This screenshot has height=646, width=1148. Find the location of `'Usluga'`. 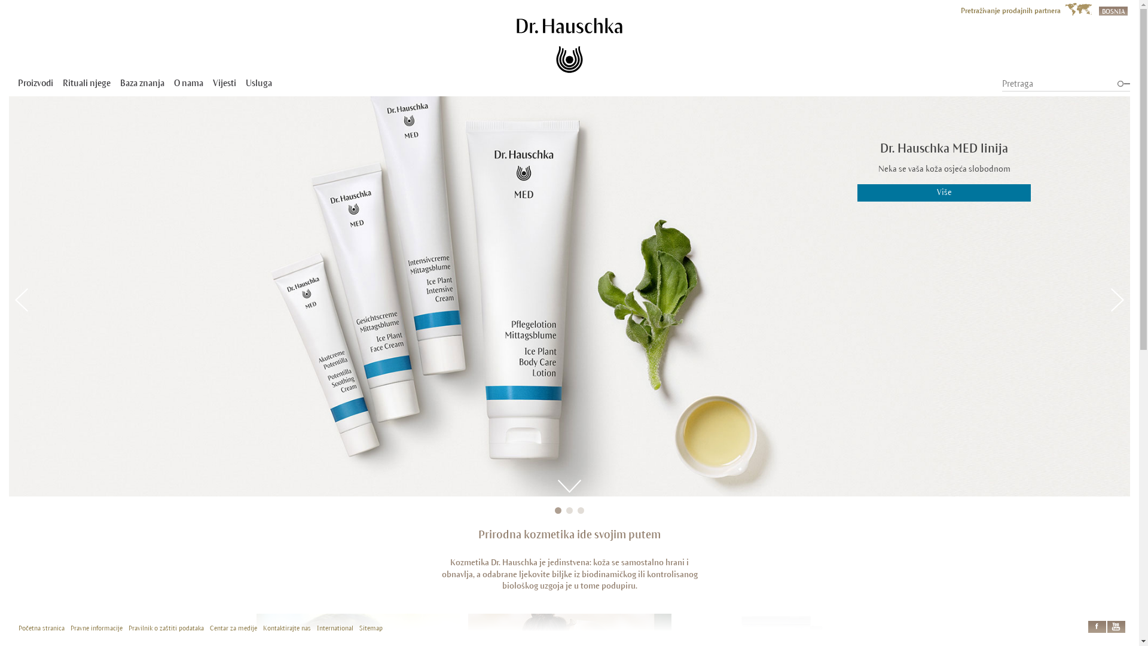

'Usluga' is located at coordinates (258, 82).